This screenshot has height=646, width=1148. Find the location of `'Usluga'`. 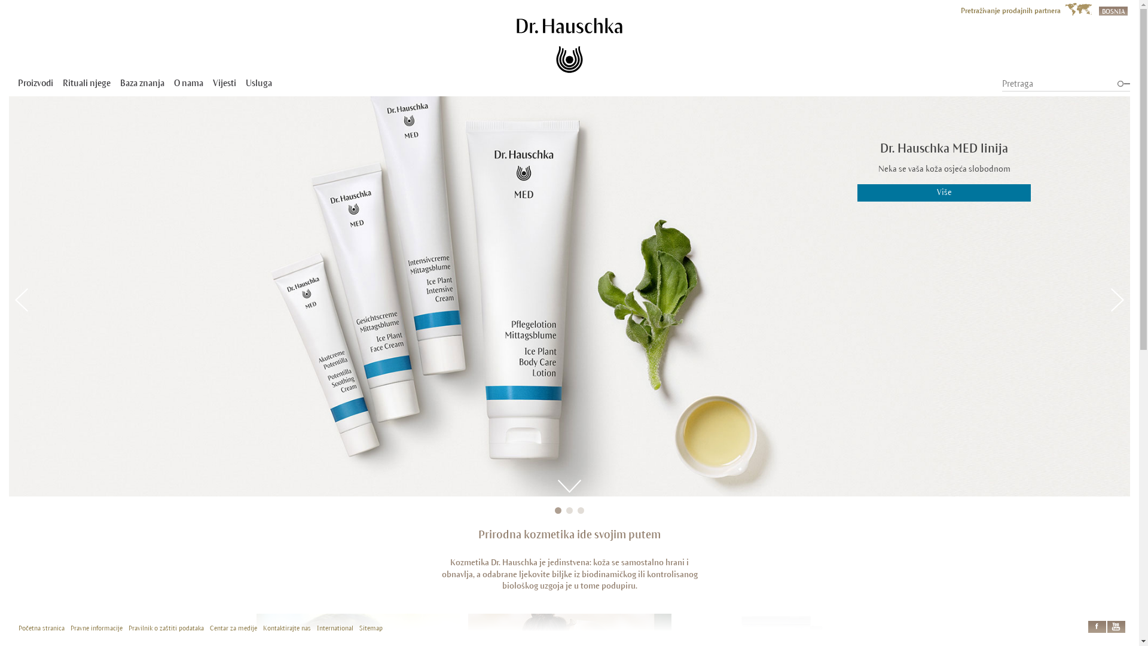

'Usluga' is located at coordinates (258, 82).